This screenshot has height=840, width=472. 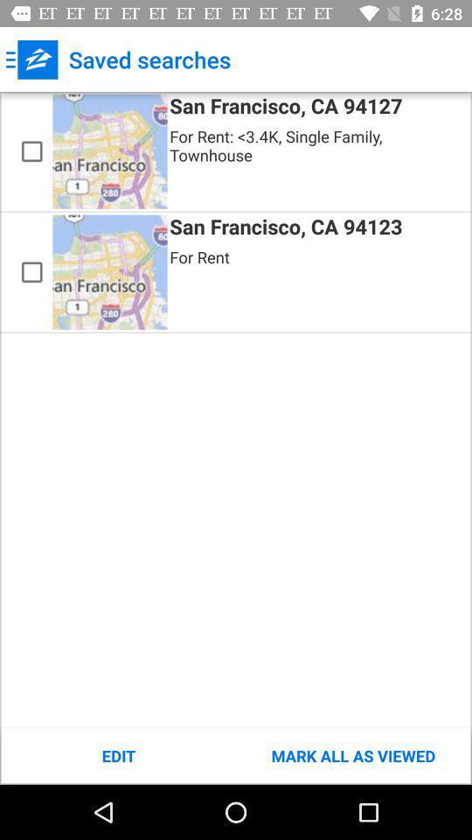 What do you see at coordinates (353, 755) in the screenshot?
I see `mark all as icon` at bounding box center [353, 755].